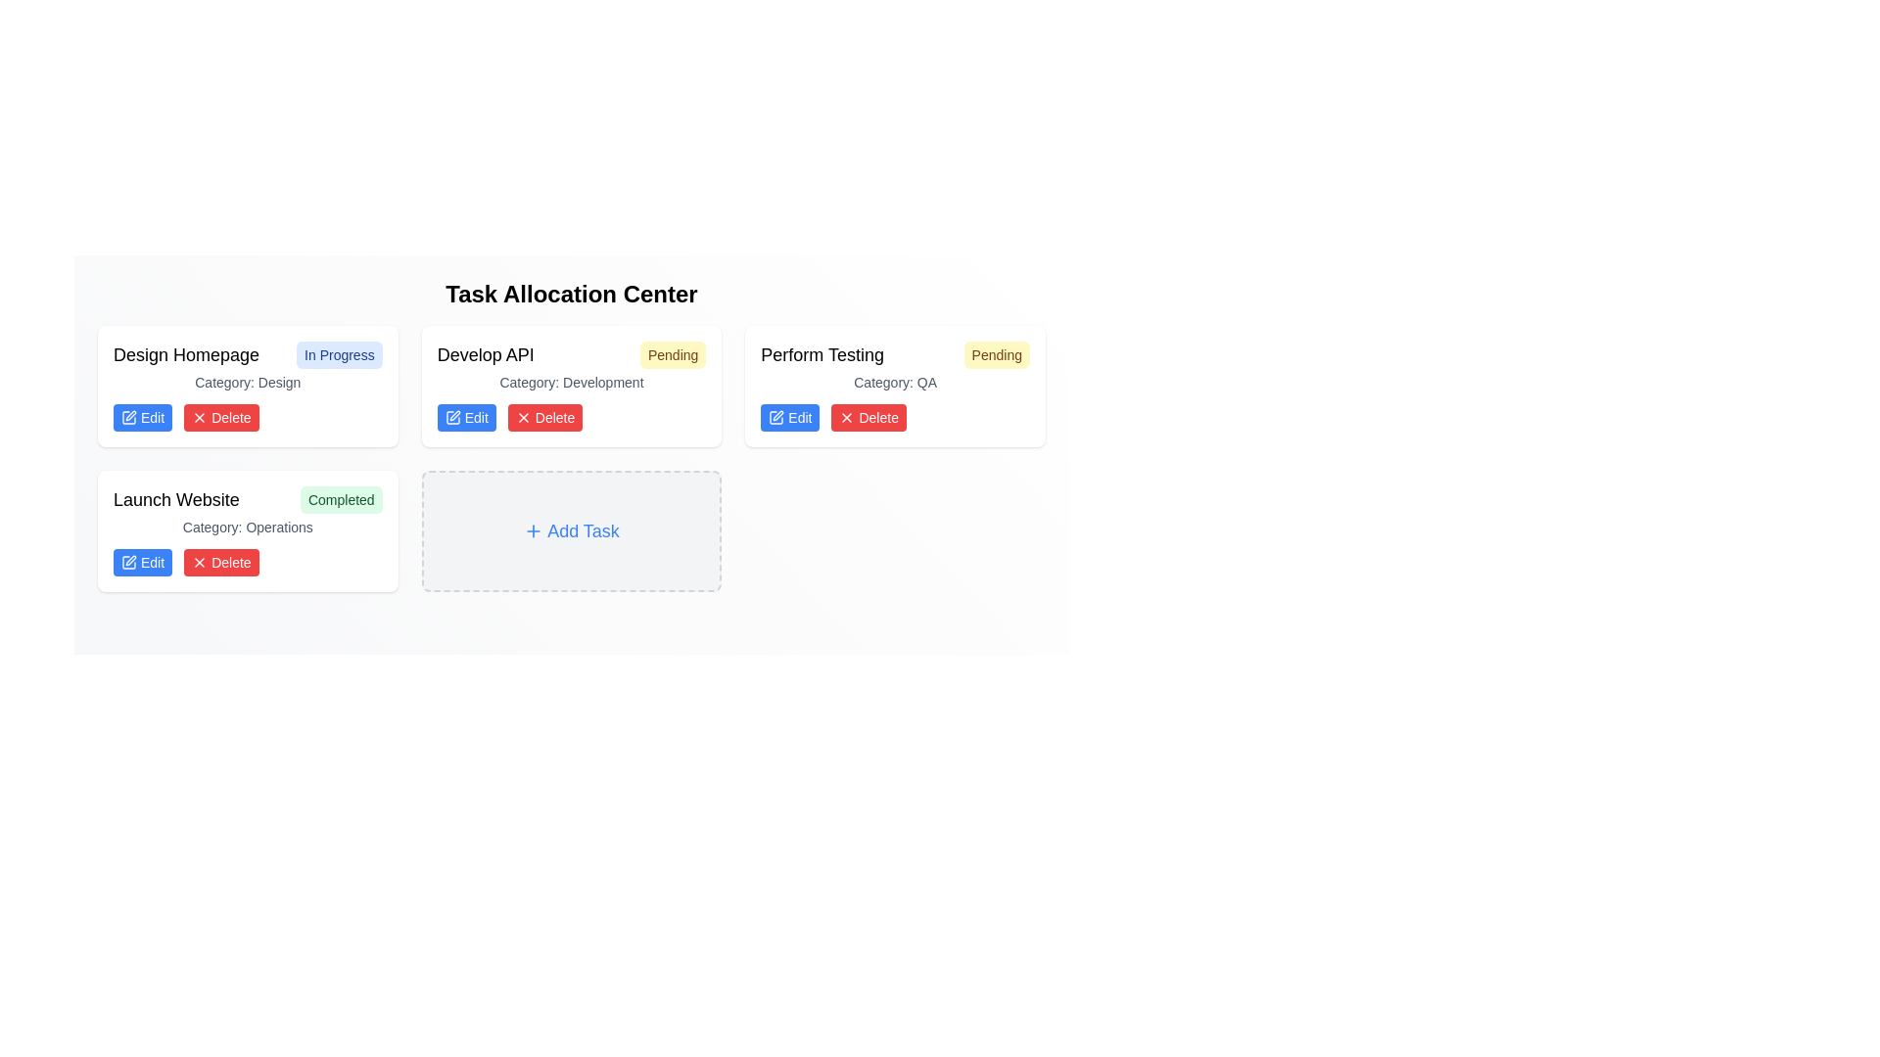 The height and width of the screenshot is (1057, 1880). What do you see at coordinates (453, 414) in the screenshot?
I see `the edit icon located within the 'Develop API' panel, positioned under the task card's title and next to the 'Edit' option` at bounding box center [453, 414].